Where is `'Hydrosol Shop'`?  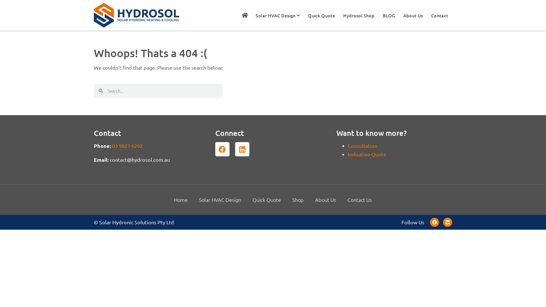
'Hydrosol Shop' is located at coordinates (359, 15).